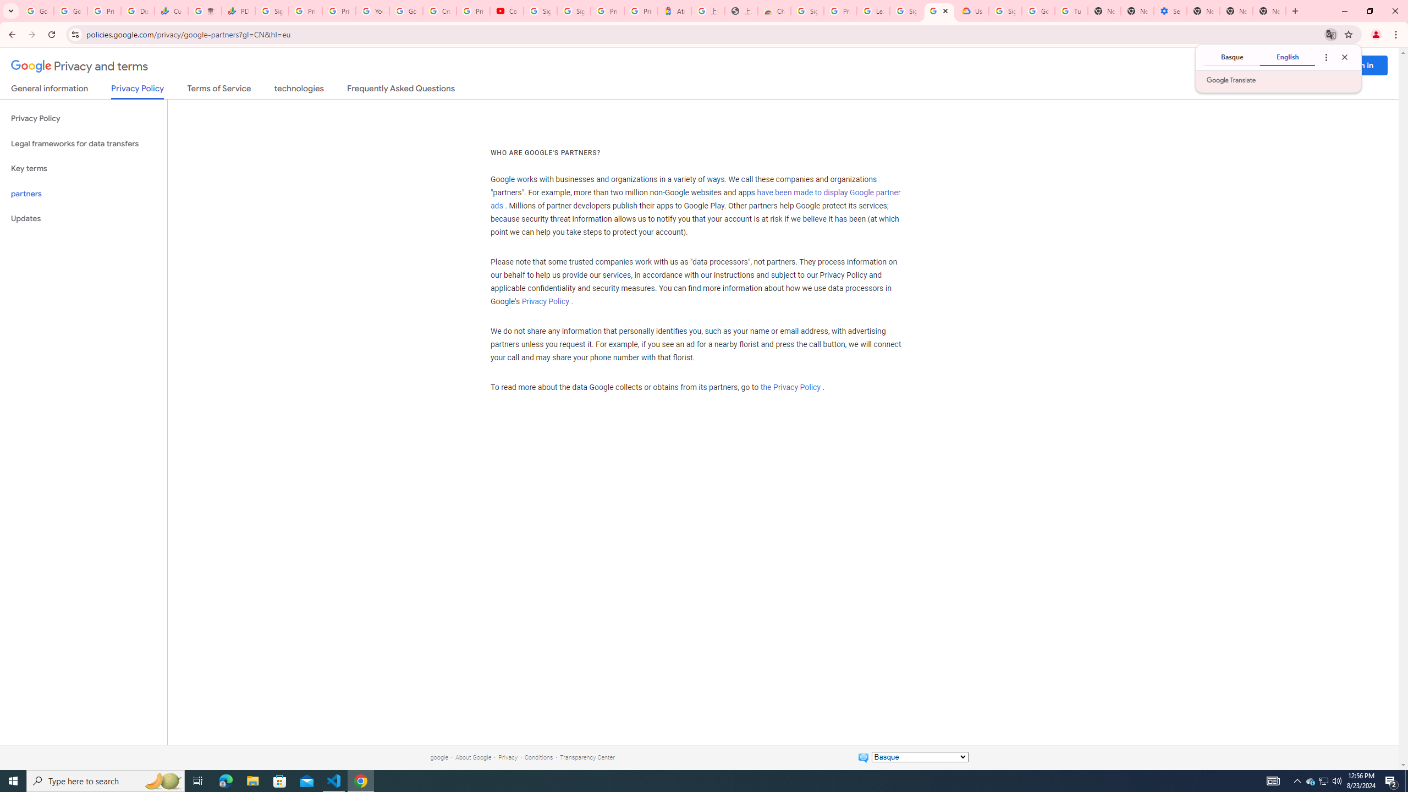 This screenshot has width=1408, height=792. What do you see at coordinates (280, 780) in the screenshot?
I see `'Microsoft Store'` at bounding box center [280, 780].